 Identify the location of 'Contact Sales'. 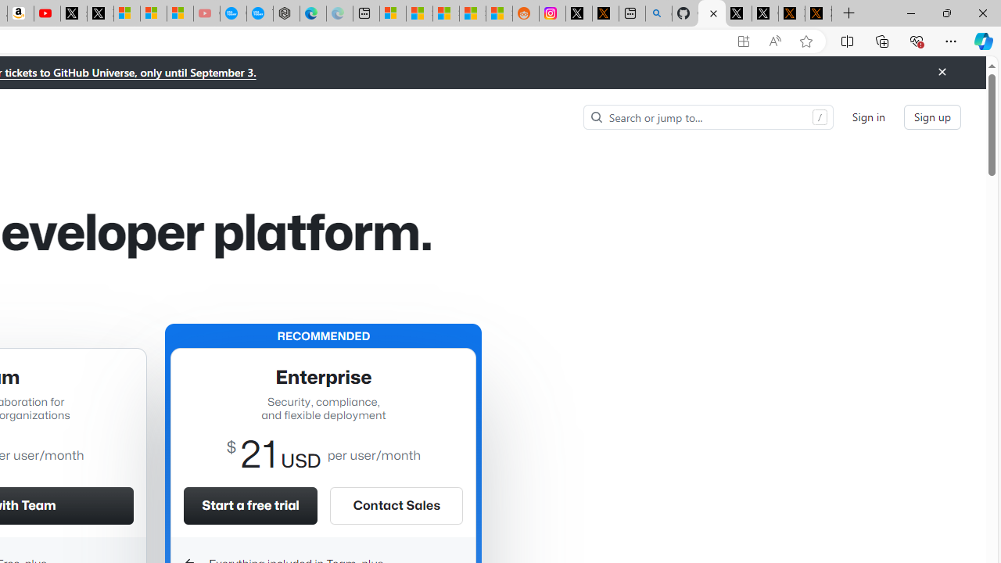
(396, 505).